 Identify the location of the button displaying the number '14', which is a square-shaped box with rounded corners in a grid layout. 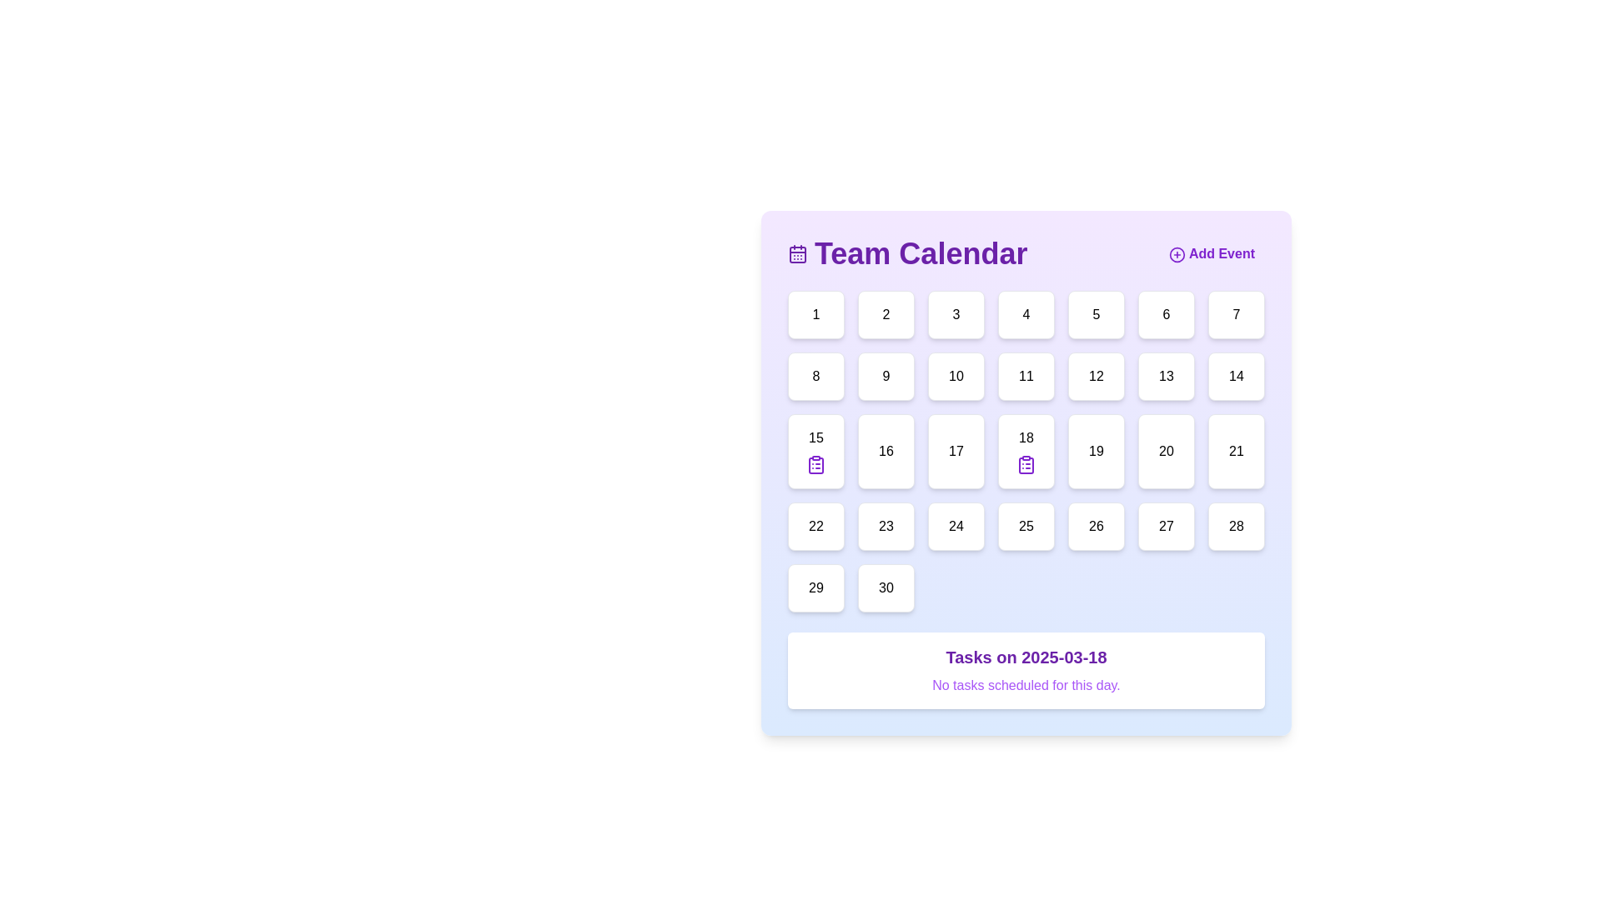
(1237, 376).